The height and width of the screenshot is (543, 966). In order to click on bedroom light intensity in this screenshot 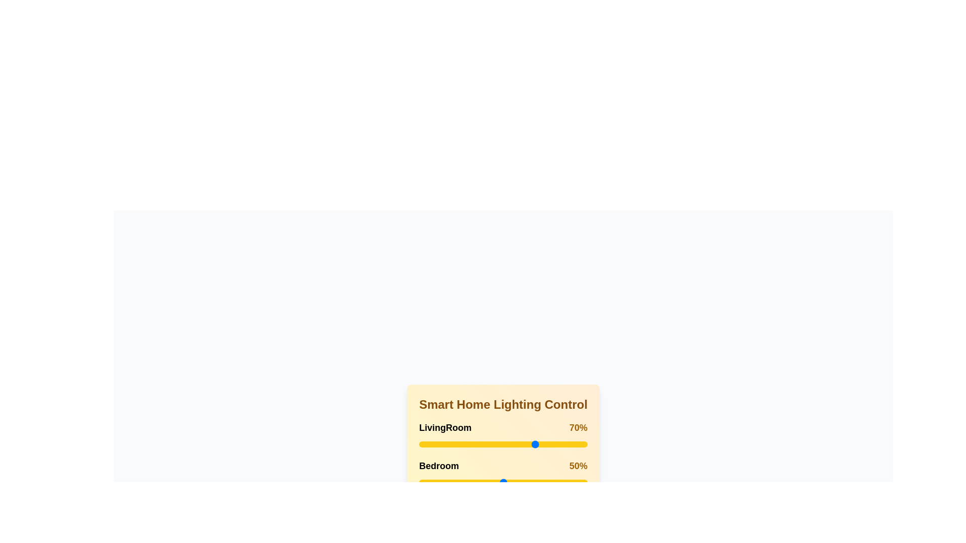, I will do `click(551, 482)`.